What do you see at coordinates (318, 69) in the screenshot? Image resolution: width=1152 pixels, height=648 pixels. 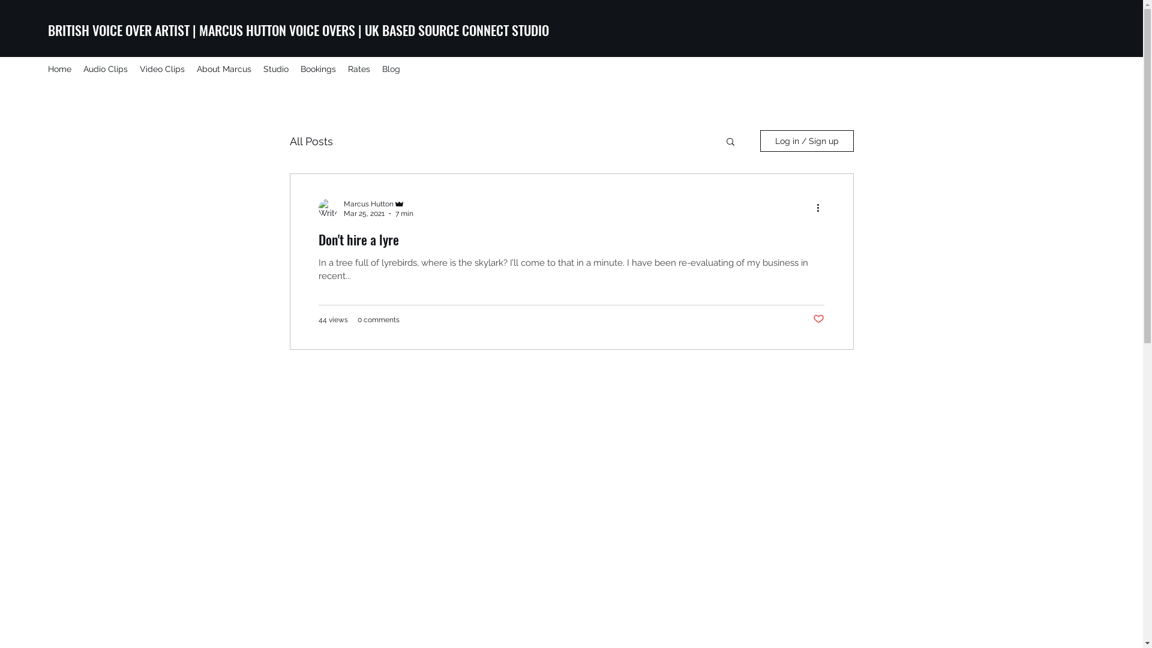 I see `'Bookings'` at bounding box center [318, 69].